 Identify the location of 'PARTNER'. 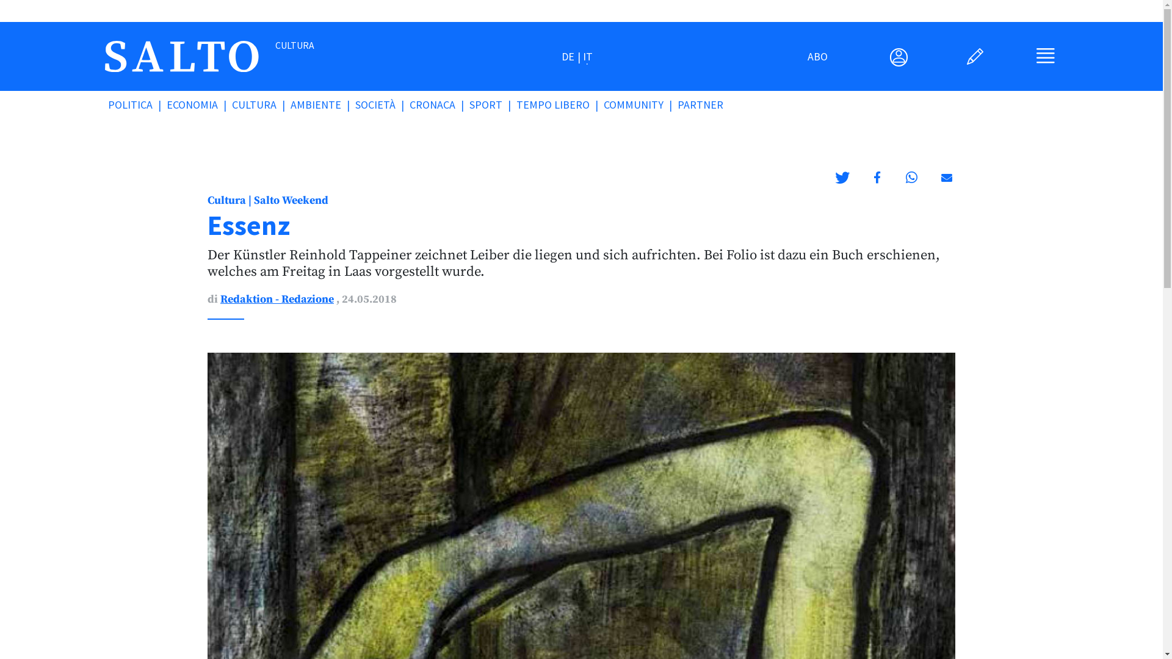
(706, 104).